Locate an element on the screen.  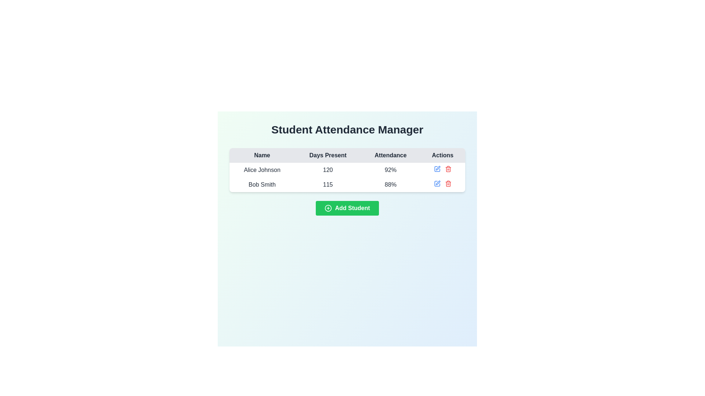
the 'Days Present' text display for the individual 'Alice Johnson' in the table is located at coordinates (328, 170).